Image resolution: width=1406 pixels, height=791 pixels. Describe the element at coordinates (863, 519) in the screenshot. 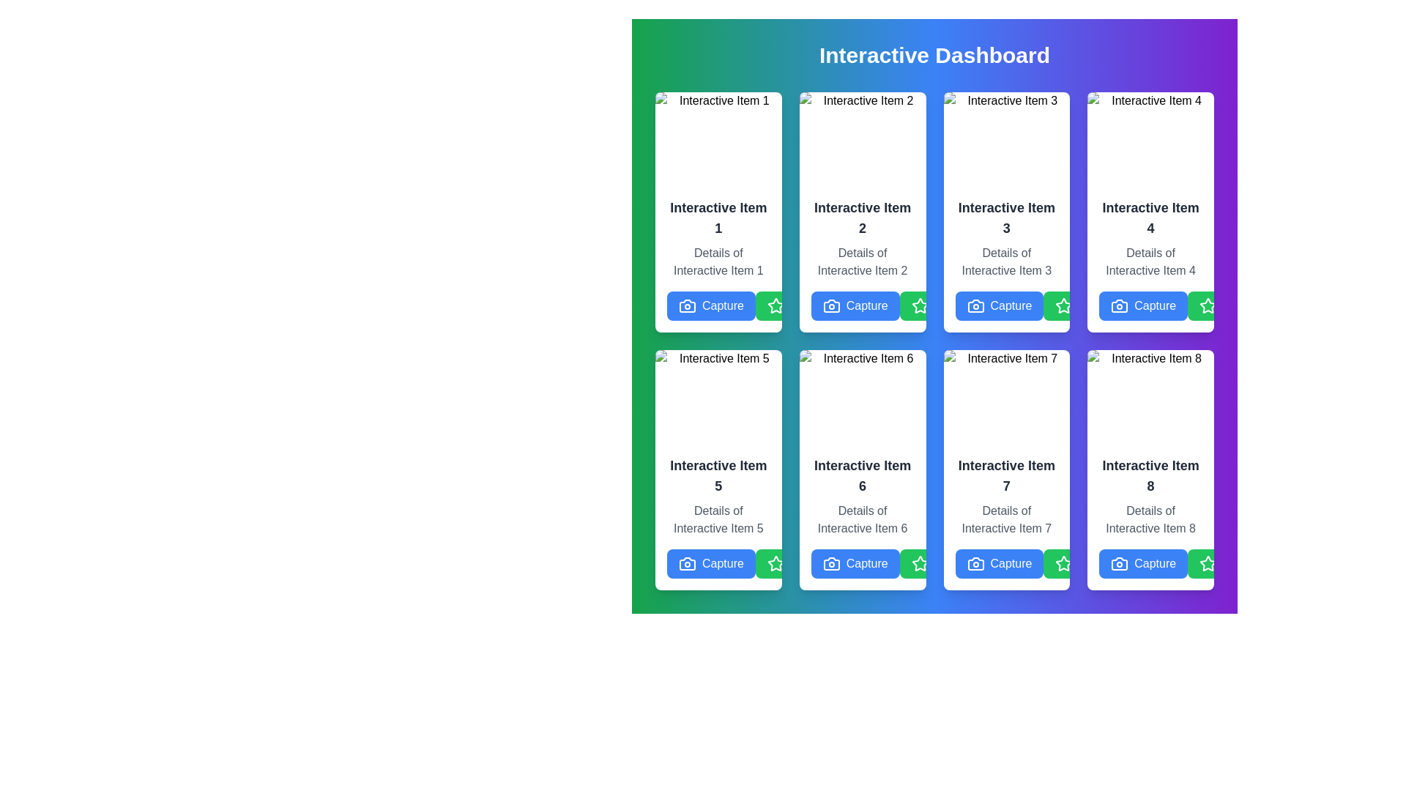

I see `the static text label that reads 'Details of Interactive Item 6', located under the heading 'Interactive Item 6'` at that location.